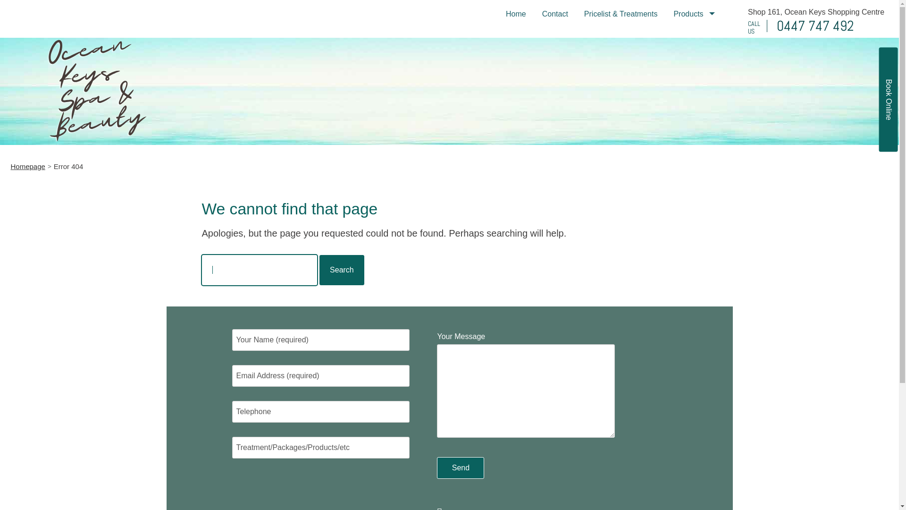 This screenshot has height=510, width=906. I want to click on 'Homepage', so click(27, 166).